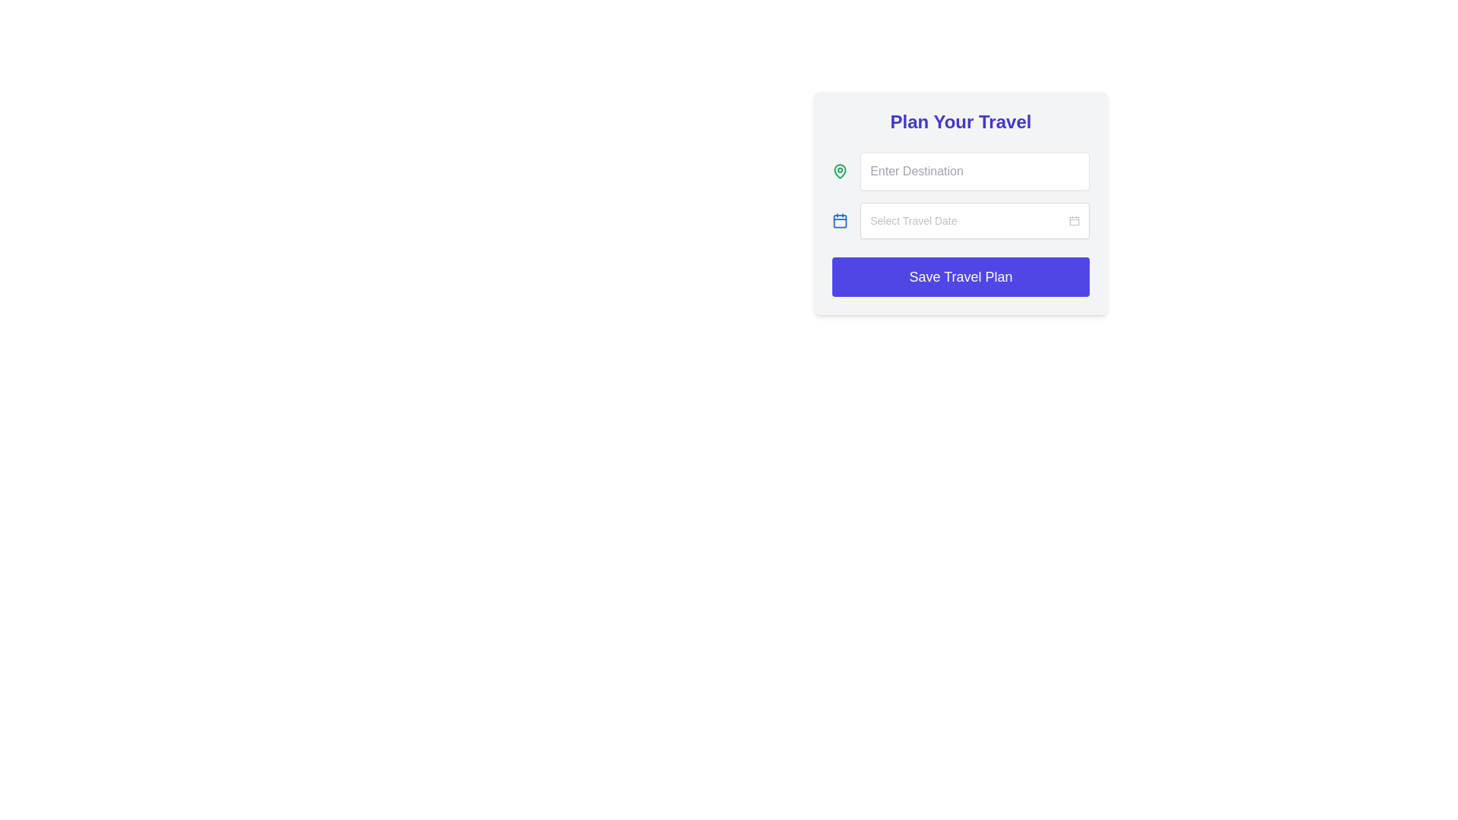 The height and width of the screenshot is (820, 1458). What do you see at coordinates (1074, 220) in the screenshot?
I see `the calendar icon, which is a small blue square calendar with a red-highlighted day, located to the left of the 'Select Travel Date' text field` at bounding box center [1074, 220].